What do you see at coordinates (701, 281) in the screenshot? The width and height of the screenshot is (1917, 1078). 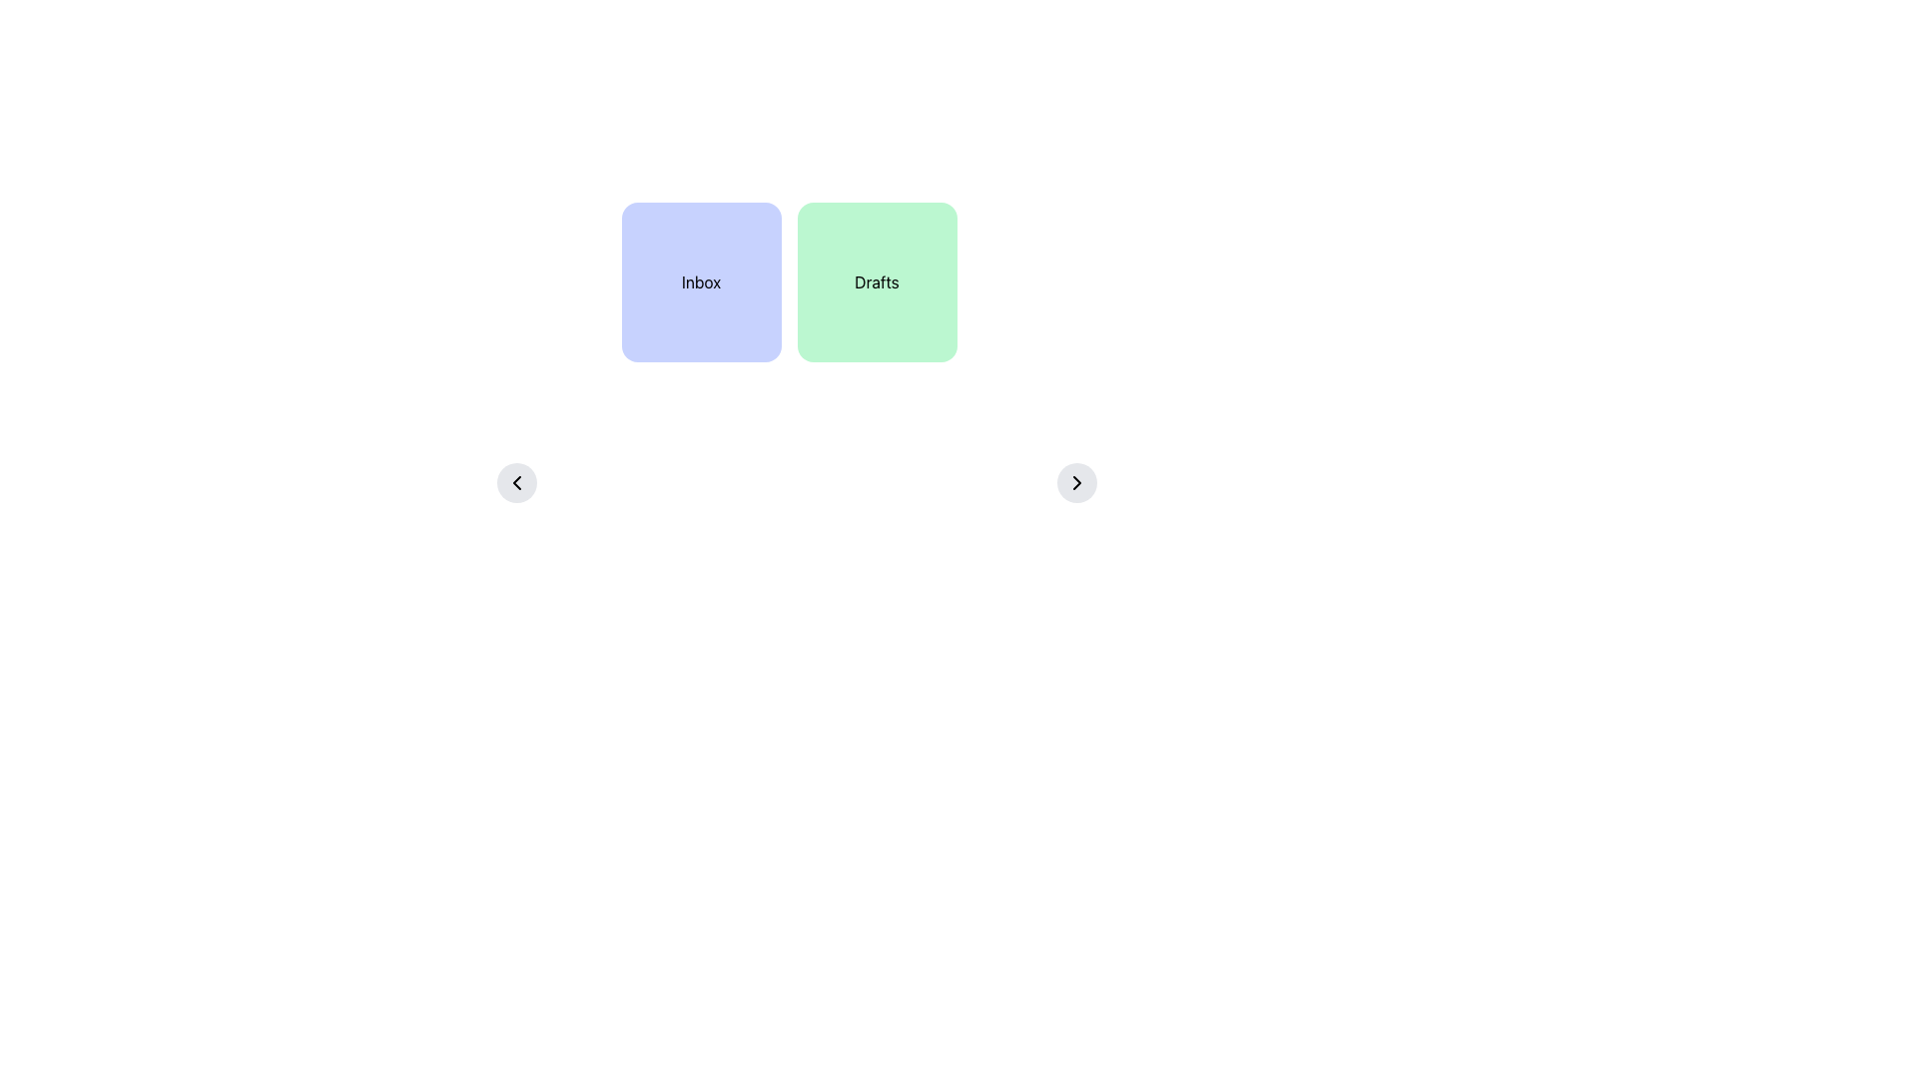 I see `the first List Item labeled 'Inbox', which is a light blue square with rounded corners` at bounding box center [701, 281].